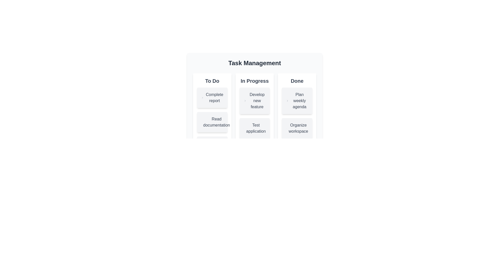 Image resolution: width=489 pixels, height=275 pixels. What do you see at coordinates (297, 101) in the screenshot?
I see `the text-based label with an accompanying icon in the 'Done' column, which is the top item above 'Organize workspace'` at bounding box center [297, 101].